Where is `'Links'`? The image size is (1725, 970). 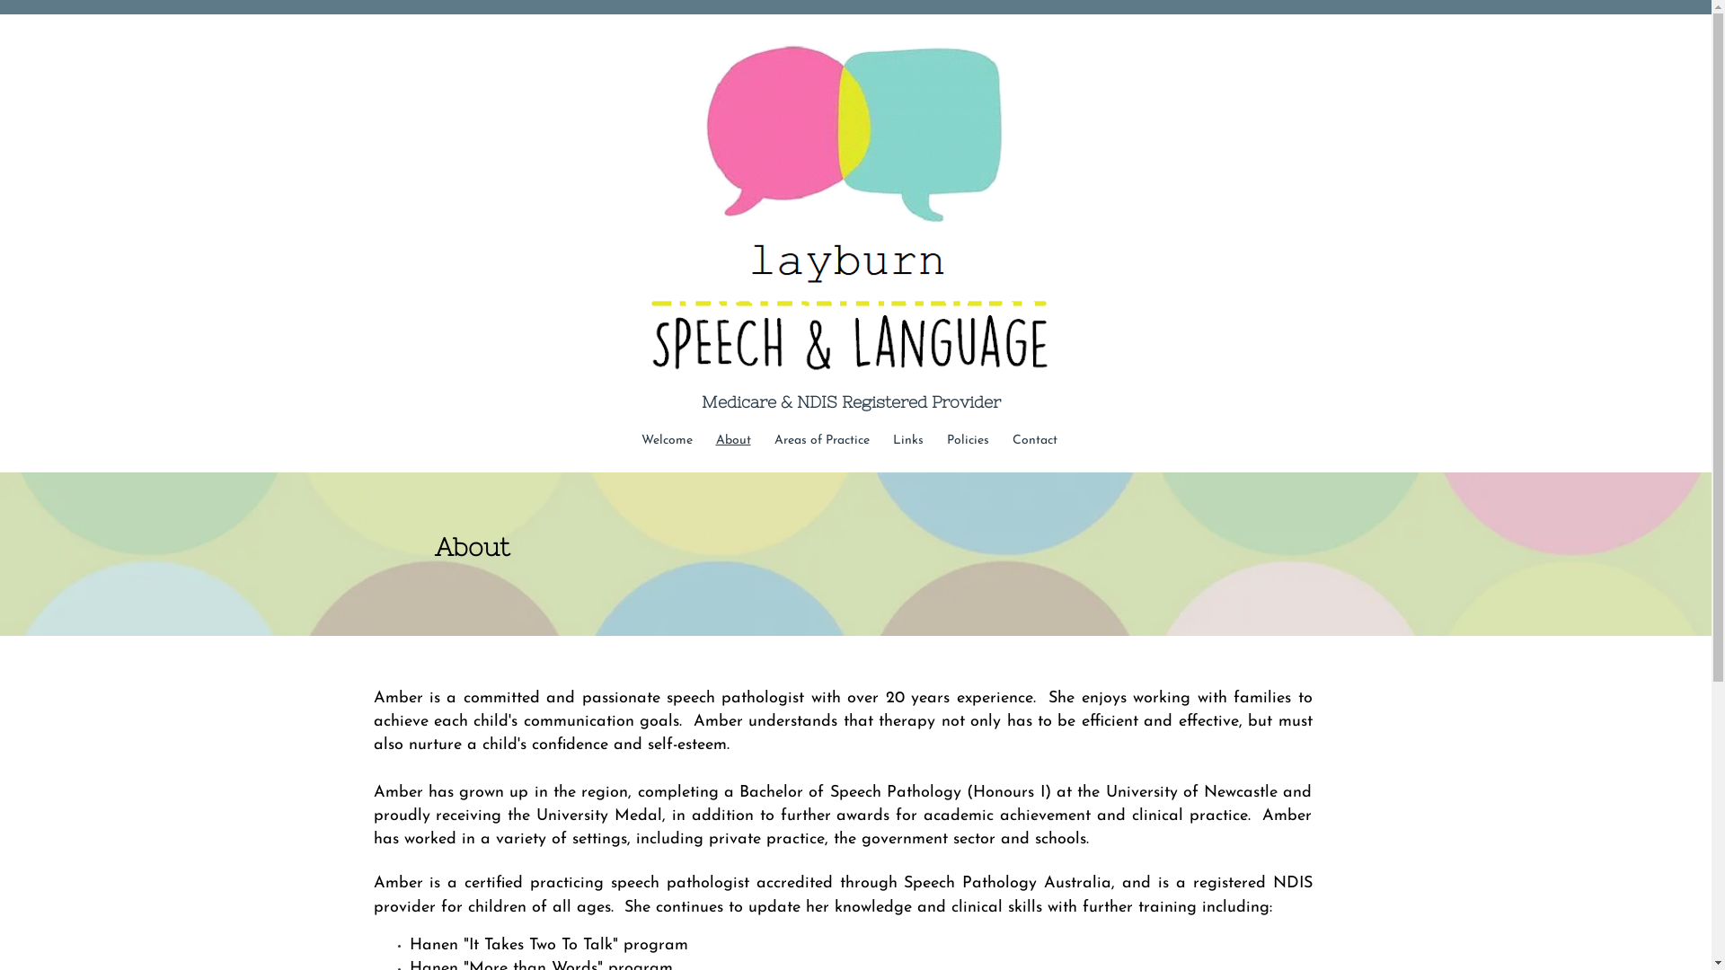
'Links' is located at coordinates (907, 440).